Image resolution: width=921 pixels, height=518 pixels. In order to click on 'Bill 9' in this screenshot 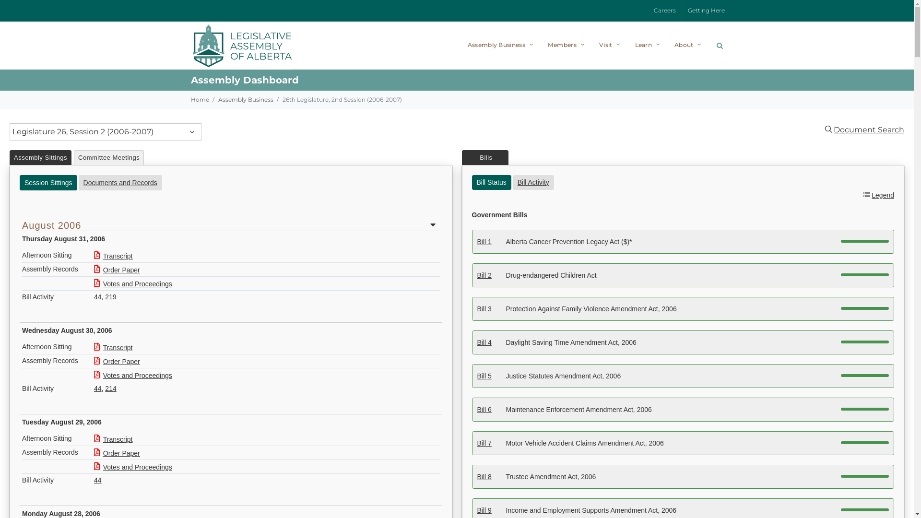, I will do `click(484, 510)`.